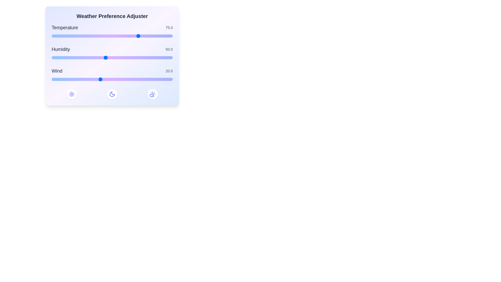 The width and height of the screenshot is (501, 282). I want to click on the humidity value, so click(158, 57).